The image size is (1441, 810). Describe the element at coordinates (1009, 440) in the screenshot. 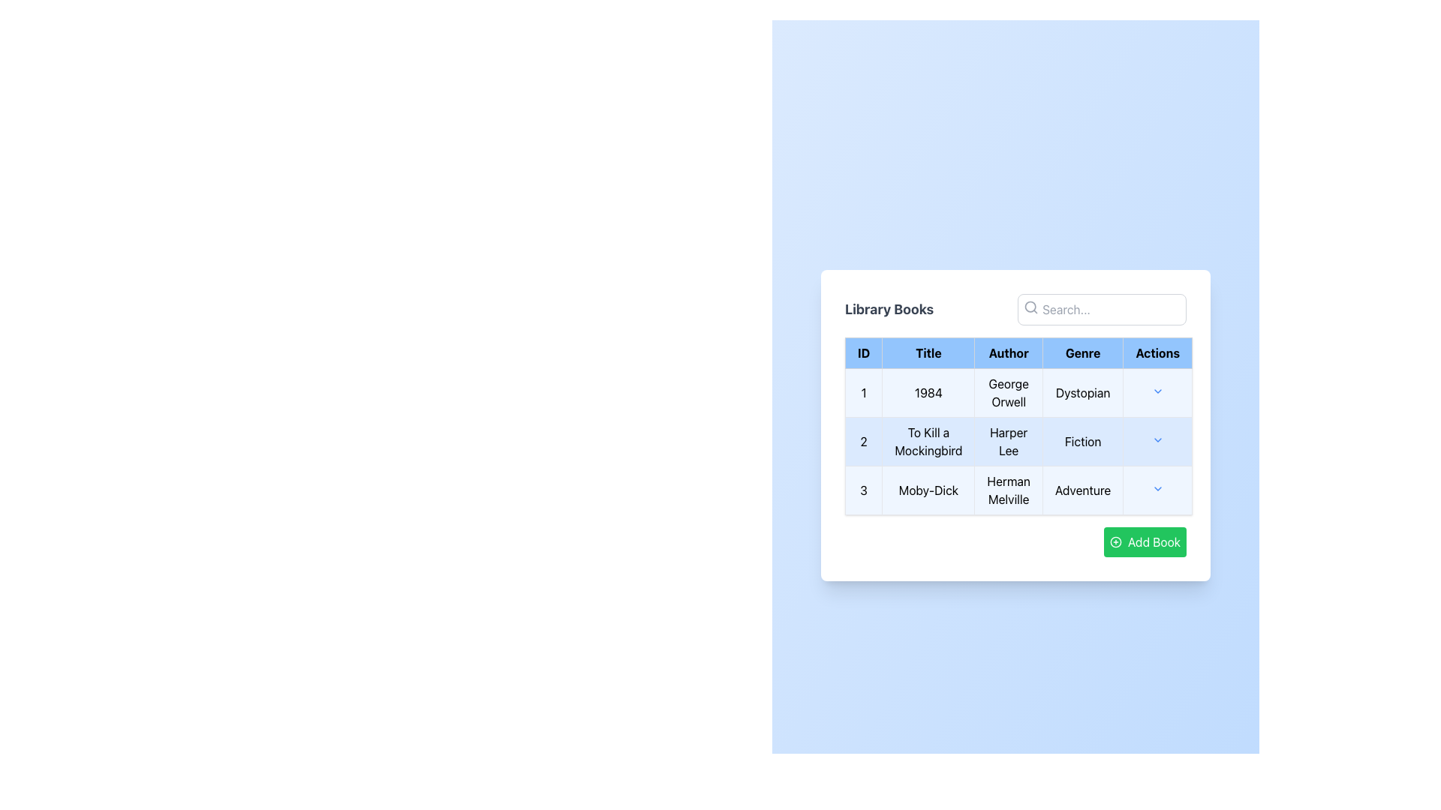

I see `the text display element showing 'Harper Lee' in a table under the 'Author' column, positioned in the second row` at that location.